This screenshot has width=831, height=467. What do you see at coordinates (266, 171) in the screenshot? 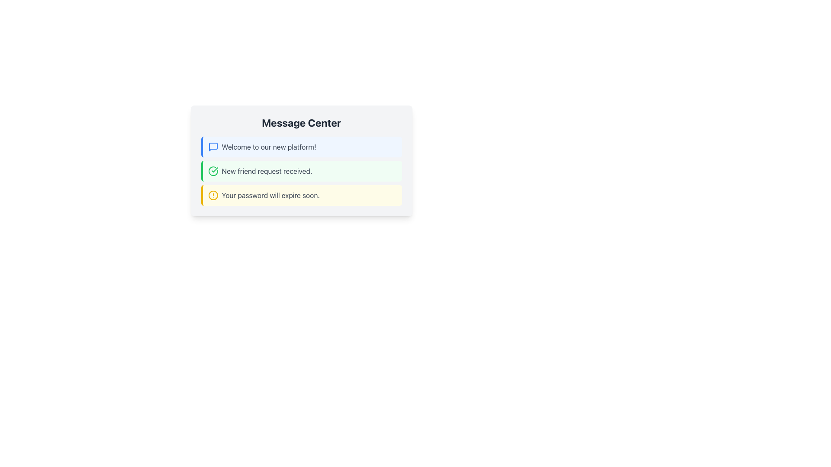
I see `the static text element that reads 'New friend request received.' which is part of a notification with a soft green background and a checkmark icon to its left` at bounding box center [266, 171].